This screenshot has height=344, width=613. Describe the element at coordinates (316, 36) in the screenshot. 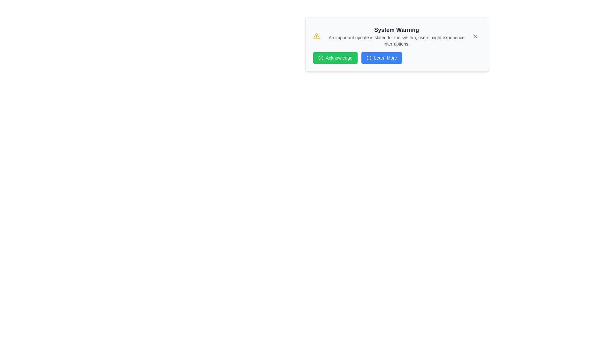

I see `the triangular yellow icon with a hollow border located in the notification box next to the 'System Warning' text and above the green 'Acknowledge' button` at that location.